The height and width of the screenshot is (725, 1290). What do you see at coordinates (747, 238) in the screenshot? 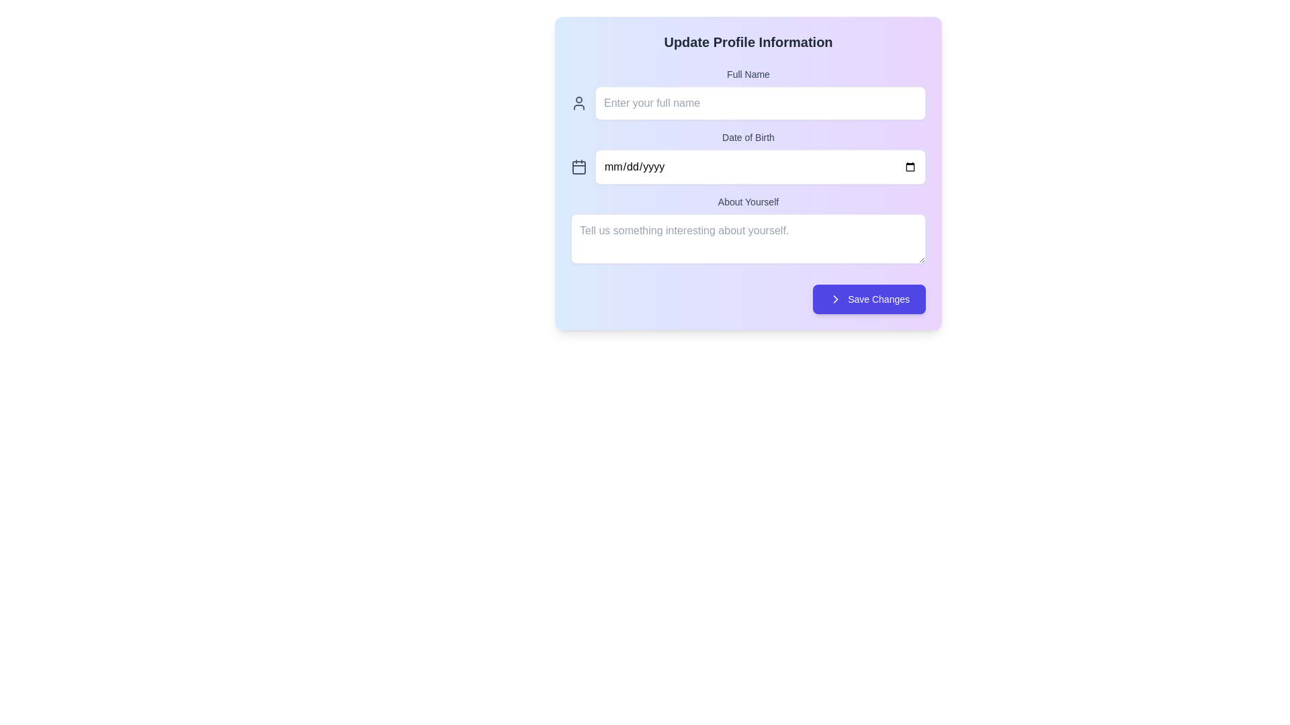
I see `the text input area with rounded corners and a light border that features the placeholder text 'Tell us something interesting about yourself'` at bounding box center [747, 238].